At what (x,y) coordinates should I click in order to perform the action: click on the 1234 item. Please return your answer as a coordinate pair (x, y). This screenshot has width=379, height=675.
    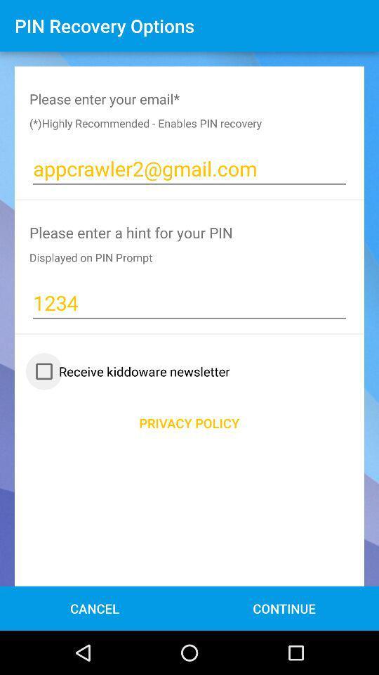
    Looking at the image, I should click on (189, 302).